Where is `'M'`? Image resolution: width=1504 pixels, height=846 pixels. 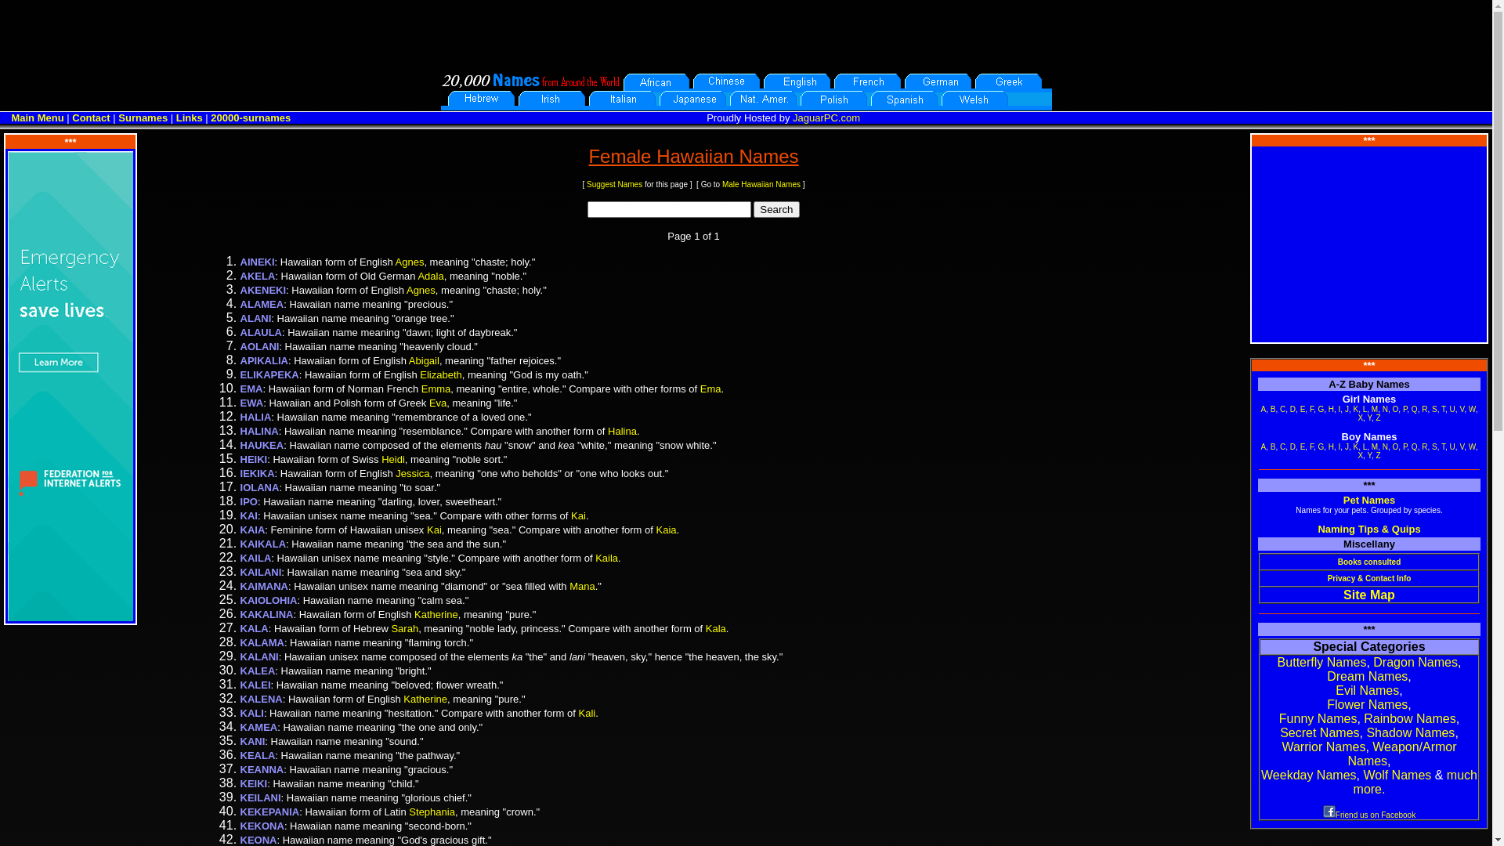
'M' is located at coordinates (1374, 408).